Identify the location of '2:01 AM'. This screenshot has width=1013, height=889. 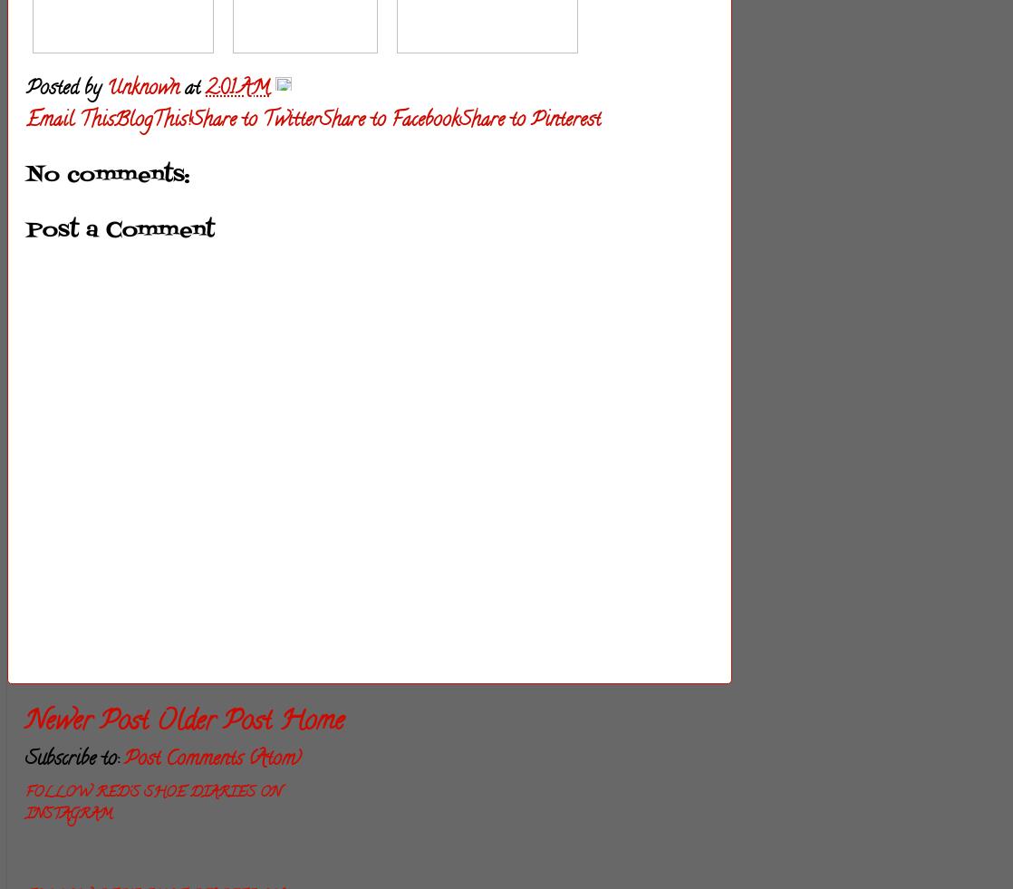
(237, 88).